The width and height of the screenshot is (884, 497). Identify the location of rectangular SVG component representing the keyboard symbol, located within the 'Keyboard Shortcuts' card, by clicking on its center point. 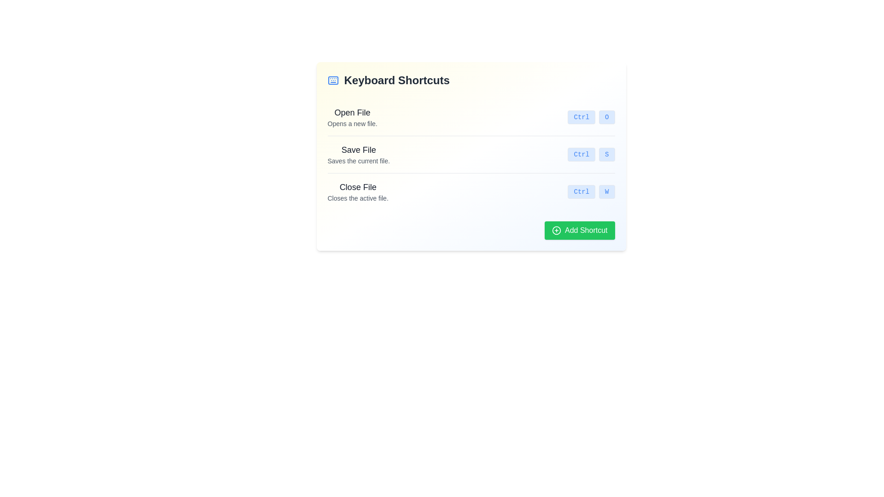
(332, 80).